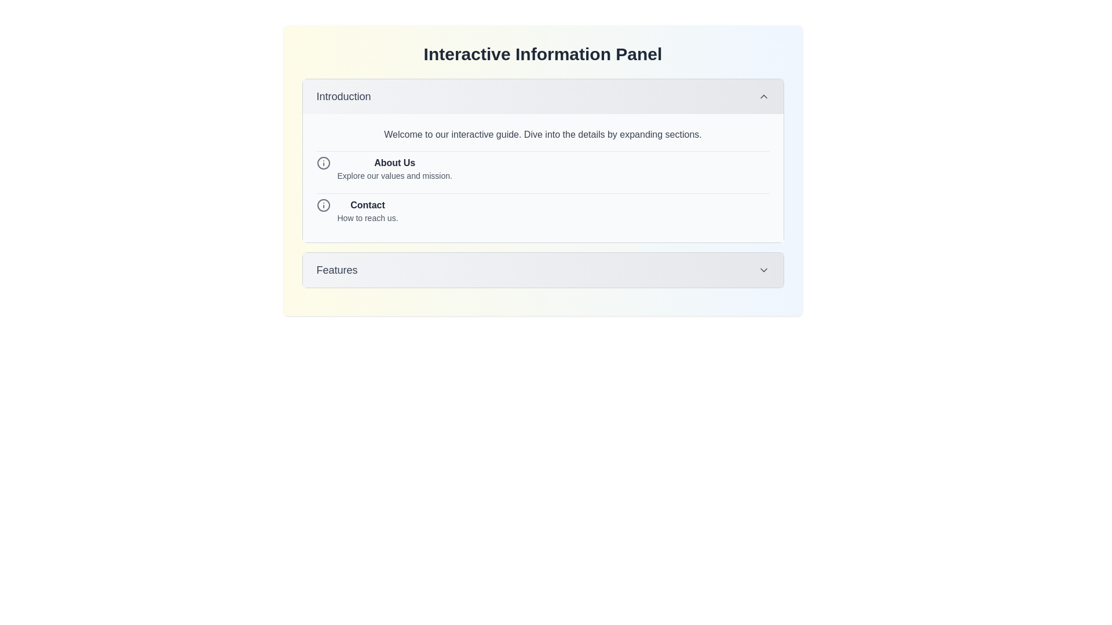 This screenshot has width=1112, height=625. Describe the element at coordinates (394, 169) in the screenshot. I see `the Text block providing an overview of the organization's values and mission, located in the middle section of the column layout under the 'Introduction' section` at that location.